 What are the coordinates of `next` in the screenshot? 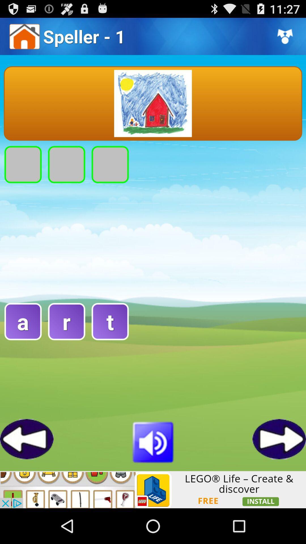 It's located at (279, 439).